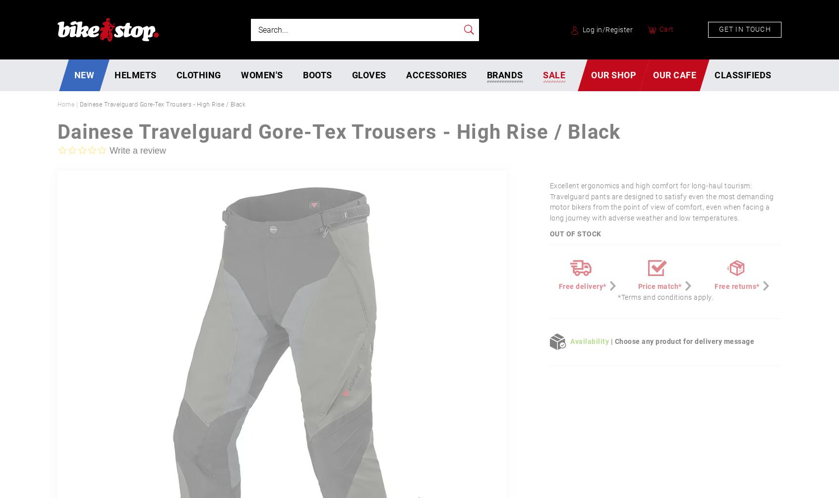 The height and width of the screenshot is (498, 839). What do you see at coordinates (714, 75) in the screenshot?
I see `'Classifieds'` at bounding box center [714, 75].